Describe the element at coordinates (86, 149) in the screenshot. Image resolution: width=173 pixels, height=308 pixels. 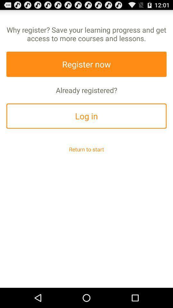
I see `return to start item` at that location.